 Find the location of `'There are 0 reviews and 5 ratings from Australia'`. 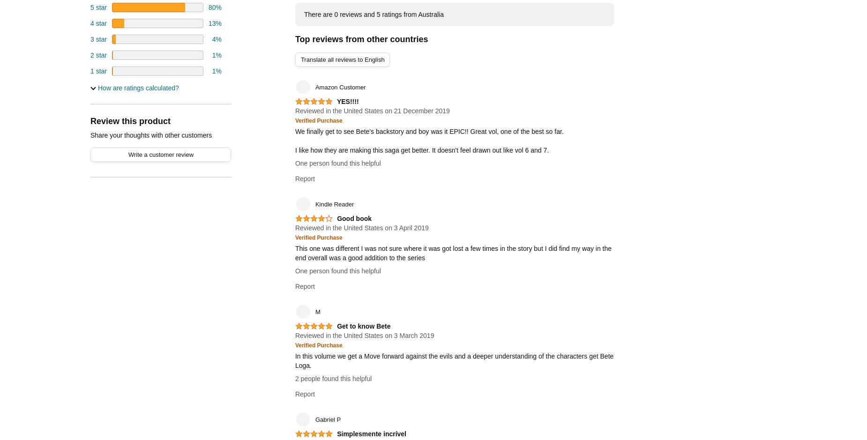

'There are 0 reviews and 5 ratings from Australia' is located at coordinates (373, 15).